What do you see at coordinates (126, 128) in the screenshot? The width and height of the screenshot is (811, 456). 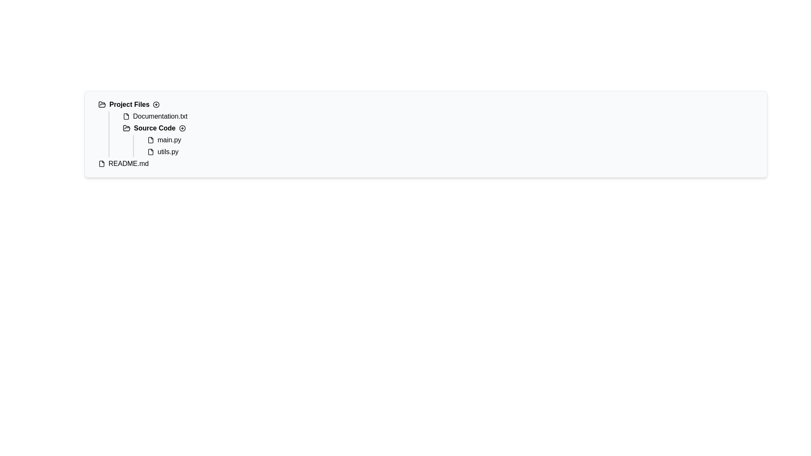 I see `the open folder icon SVG image located to the left of the 'Source Code' text to interact with the directory` at bounding box center [126, 128].